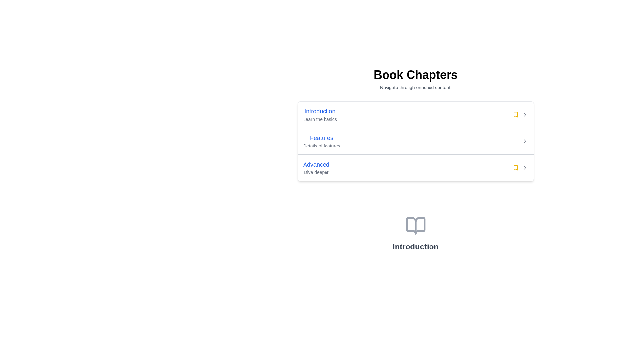  What do you see at coordinates (320, 111) in the screenshot?
I see `the navigational text link that leads to the 'Introduction' section` at bounding box center [320, 111].